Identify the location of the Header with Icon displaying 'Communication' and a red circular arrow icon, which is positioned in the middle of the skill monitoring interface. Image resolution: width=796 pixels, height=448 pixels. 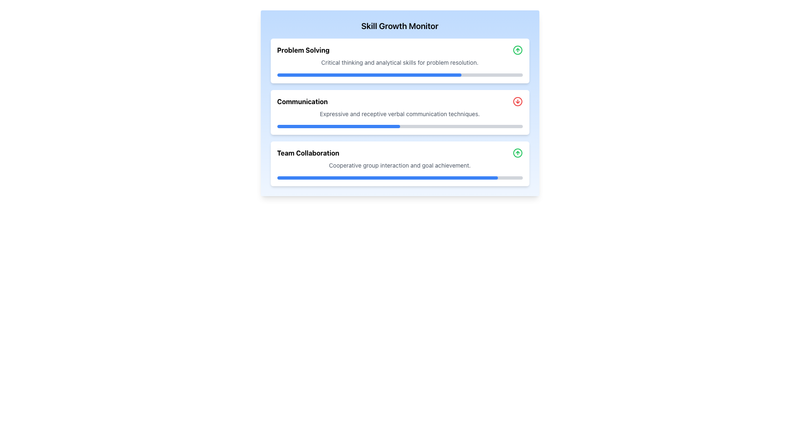
(400, 101).